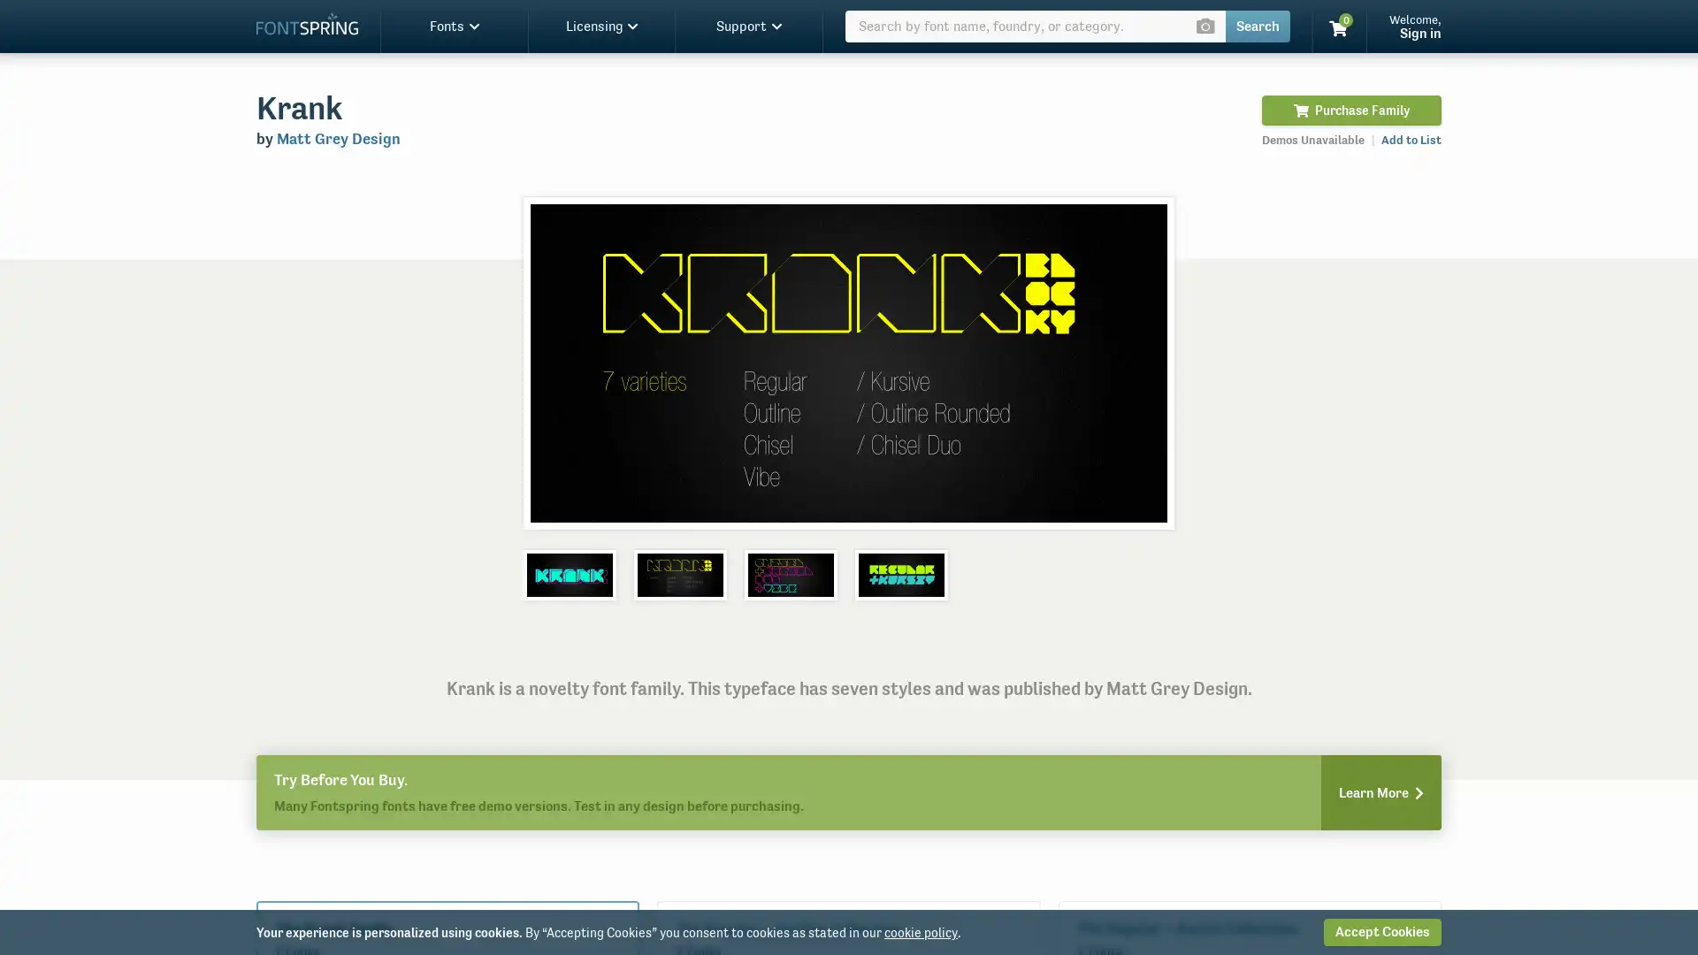  Describe the element at coordinates (555, 363) in the screenshot. I see `Previous slide` at that location.